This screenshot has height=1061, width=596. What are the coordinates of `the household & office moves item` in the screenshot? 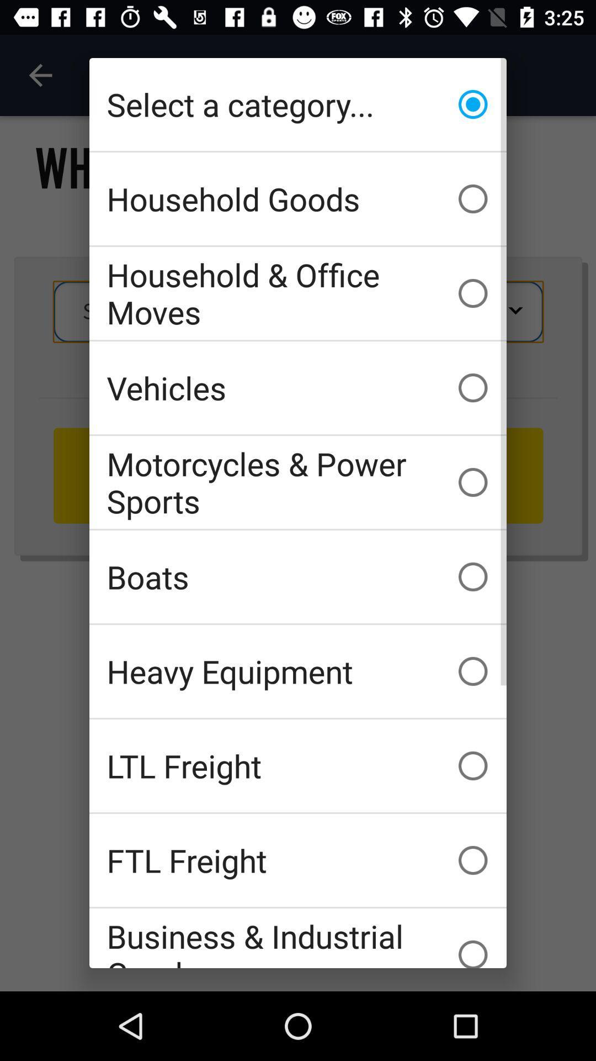 It's located at (298, 293).